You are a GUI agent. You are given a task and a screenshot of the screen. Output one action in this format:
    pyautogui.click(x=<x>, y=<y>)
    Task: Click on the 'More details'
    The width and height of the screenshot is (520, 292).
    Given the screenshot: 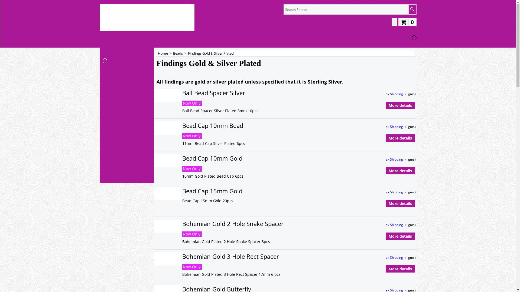 What is the action you would take?
    pyautogui.click(x=385, y=269)
    